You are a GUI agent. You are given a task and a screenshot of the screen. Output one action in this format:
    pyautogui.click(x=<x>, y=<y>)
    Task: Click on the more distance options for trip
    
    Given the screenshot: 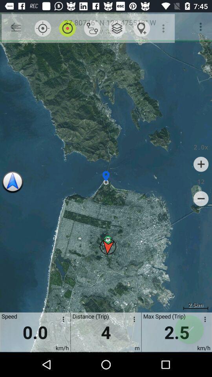 What is the action you would take?
    pyautogui.click(x=132, y=320)
    